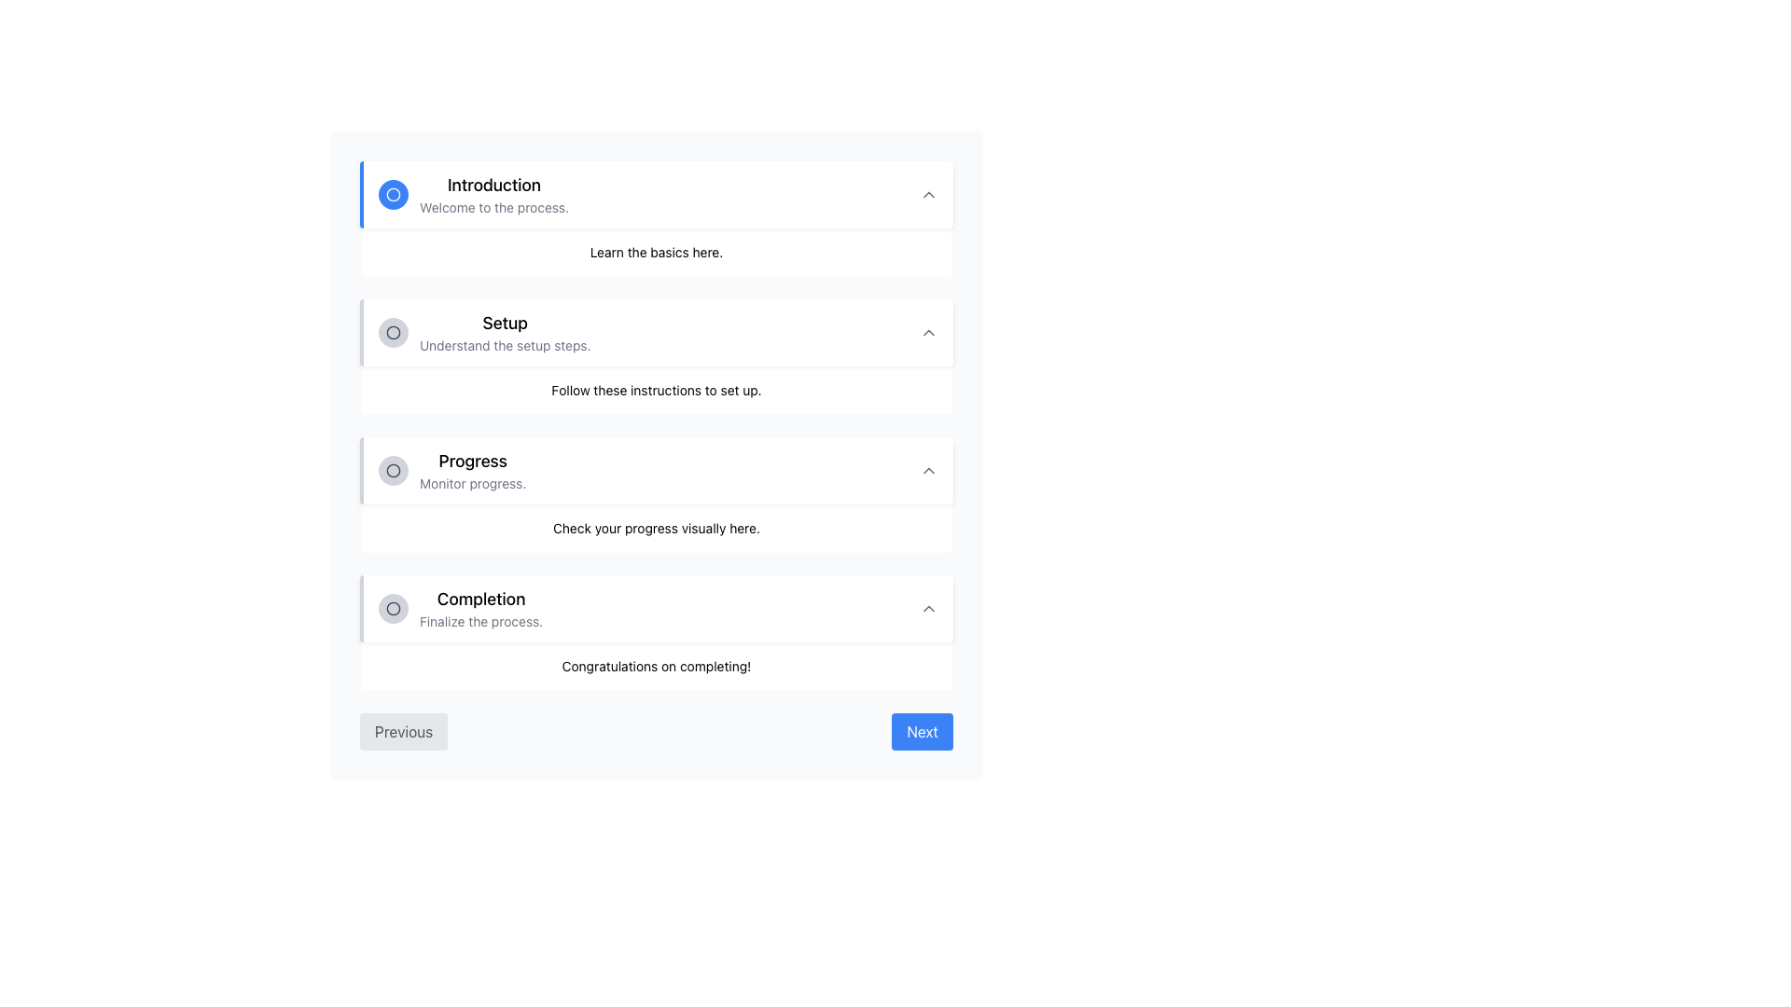 Image resolution: width=1791 pixels, height=1007 pixels. Describe the element at coordinates (393, 608) in the screenshot. I see `the circular icon indicating the 'Completion' step in the vertical step-by-step list interface` at that location.